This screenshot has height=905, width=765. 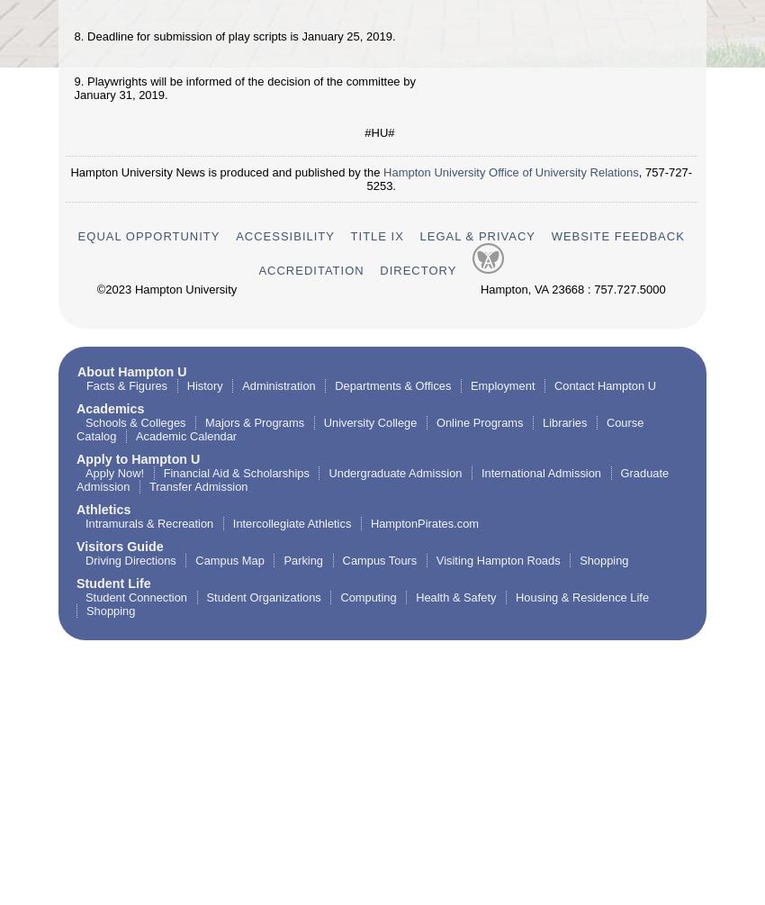 What do you see at coordinates (379, 558) in the screenshot?
I see `'Campus Tours'` at bounding box center [379, 558].